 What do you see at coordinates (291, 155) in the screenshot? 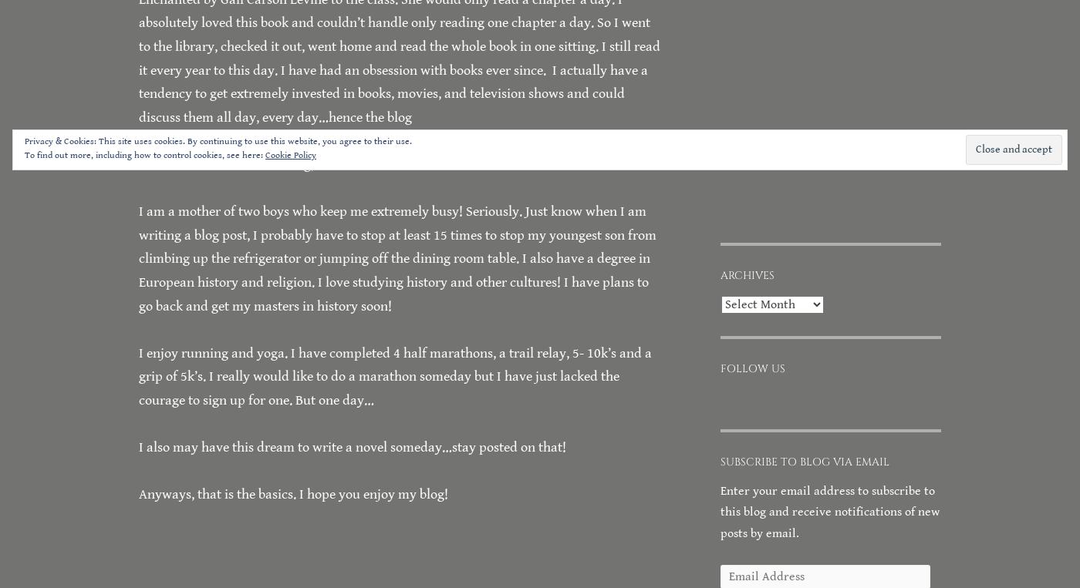
I see `'Cookie Policy'` at bounding box center [291, 155].